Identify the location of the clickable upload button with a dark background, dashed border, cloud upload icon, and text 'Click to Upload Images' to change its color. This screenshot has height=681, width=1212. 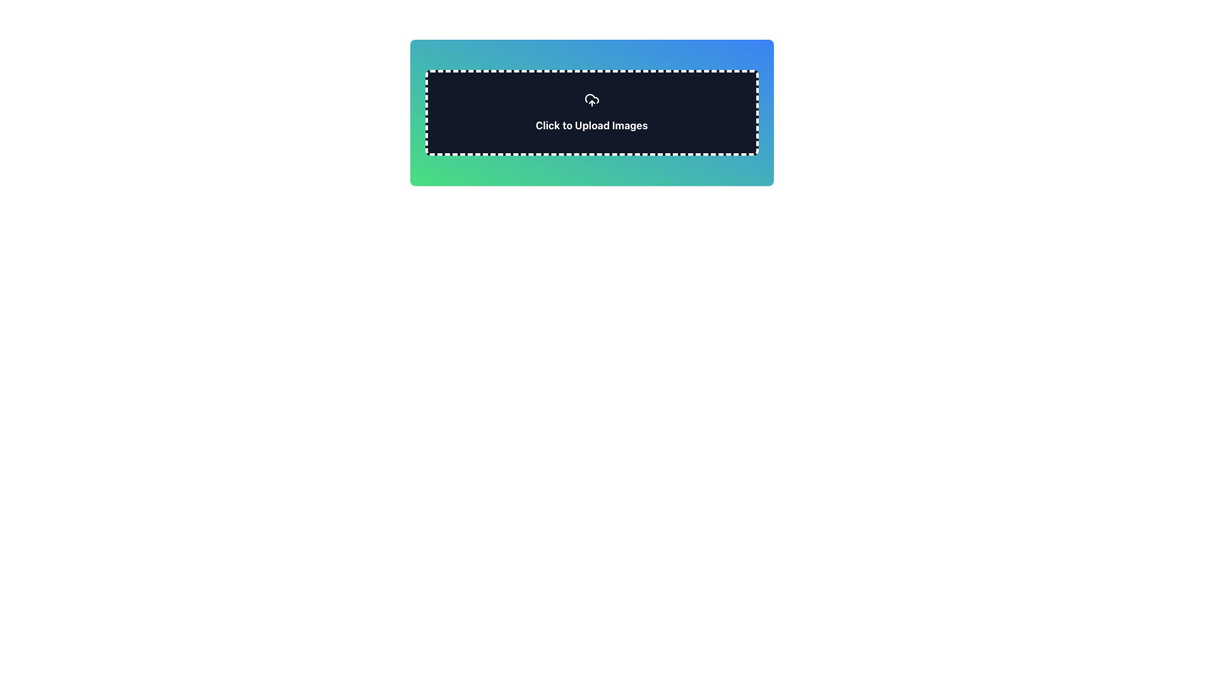
(591, 112).